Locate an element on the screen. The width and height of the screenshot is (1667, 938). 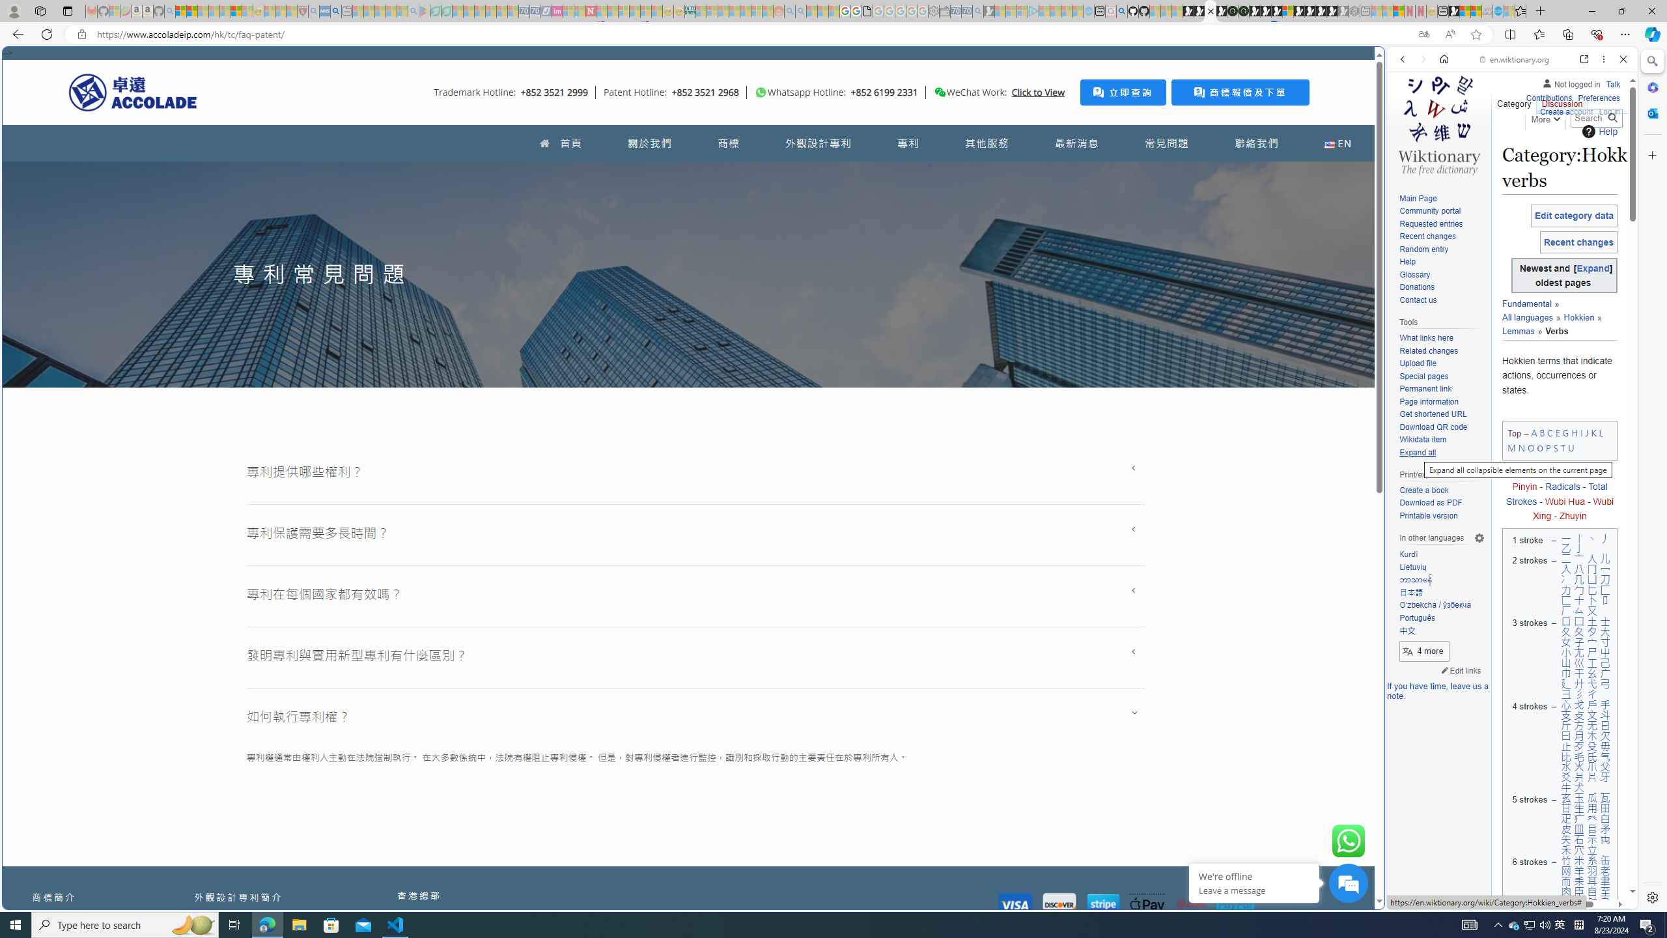
'Community portal' is located at coordinates (1441, 212).